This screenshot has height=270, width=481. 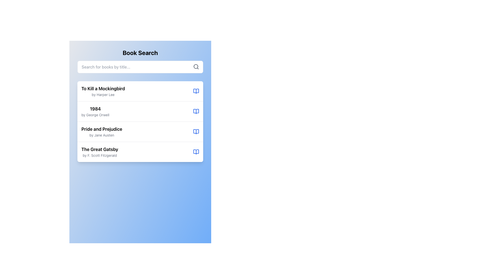 I want to click on the text display element titled 'To Kill a Mockingbird' which features a bold title and a smaller gray italicized line of text by Harper Lee, so click(x=103, y=91).